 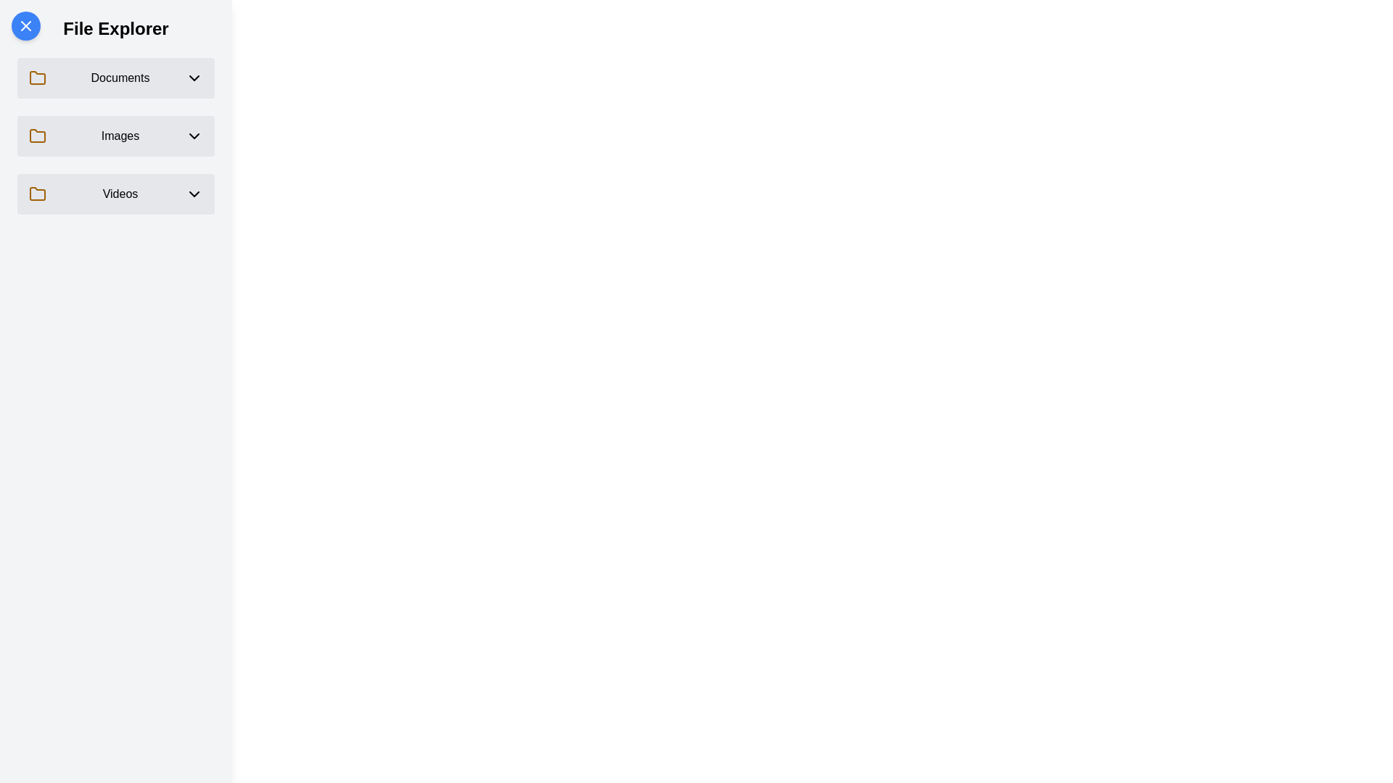 What do you see at coordinates (38, 193) in the screenshot?
I see `the folder icon, which is the third icon in the sidebar menu of the file explorer, located adjacent to the 'Videos' label` at bounding box center [38, 193].